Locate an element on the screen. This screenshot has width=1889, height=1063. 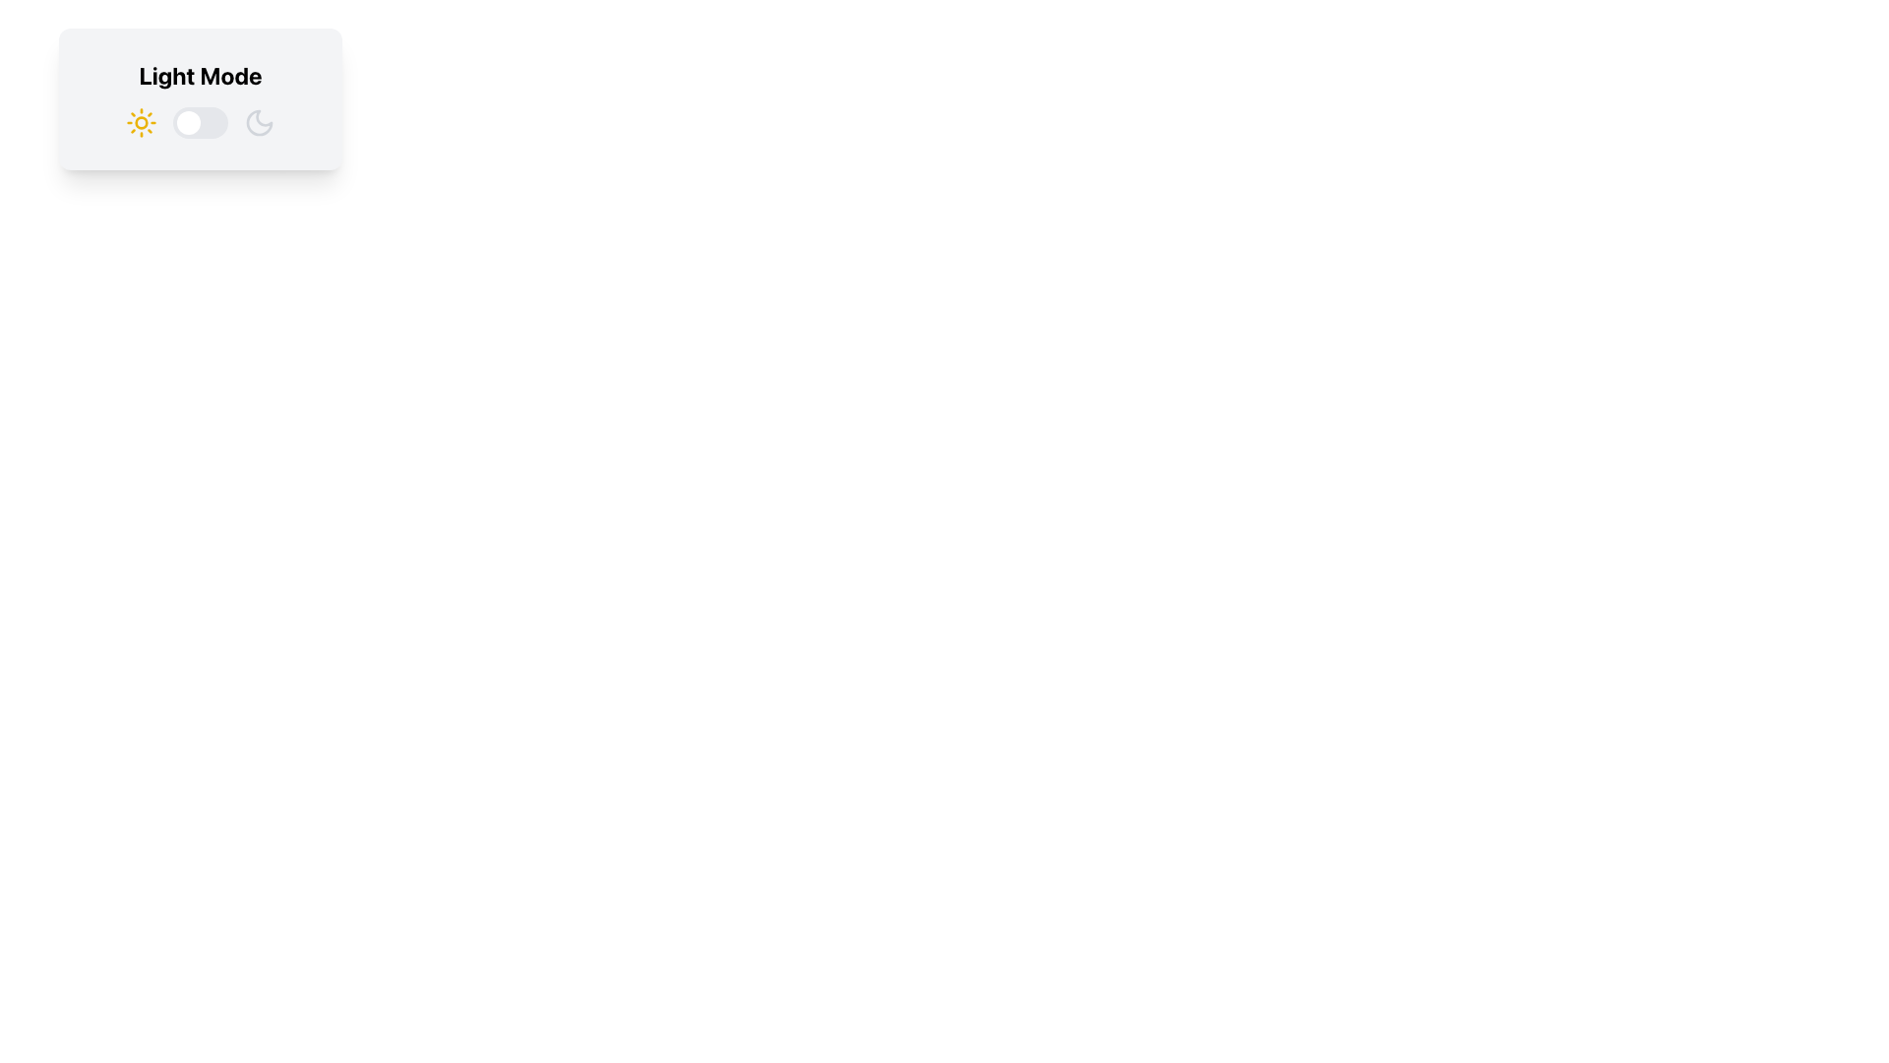
the toggle switch, which is styled with a rounded rectangular outline in gray and features a circular white handle on the left side, to change its state from light mode to dark mode or vice versa is located at coordinates (200, 122).